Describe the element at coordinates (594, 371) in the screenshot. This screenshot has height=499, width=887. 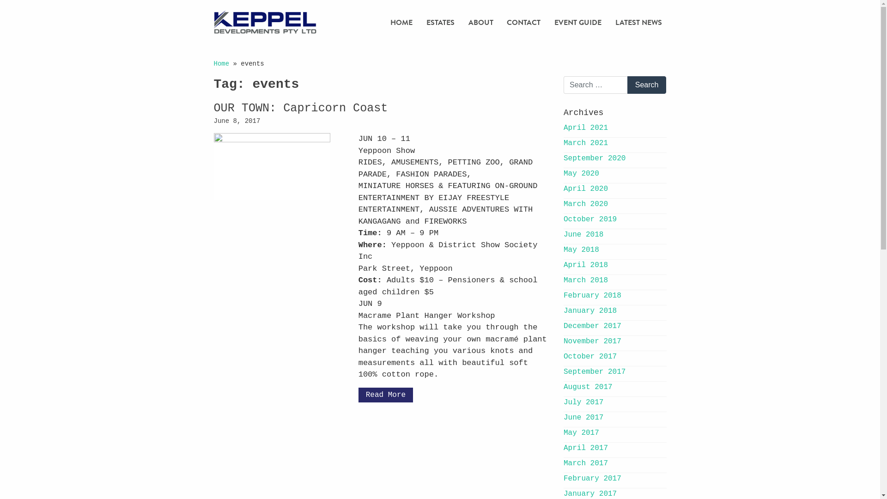
I see `'September 2017'` at that location.